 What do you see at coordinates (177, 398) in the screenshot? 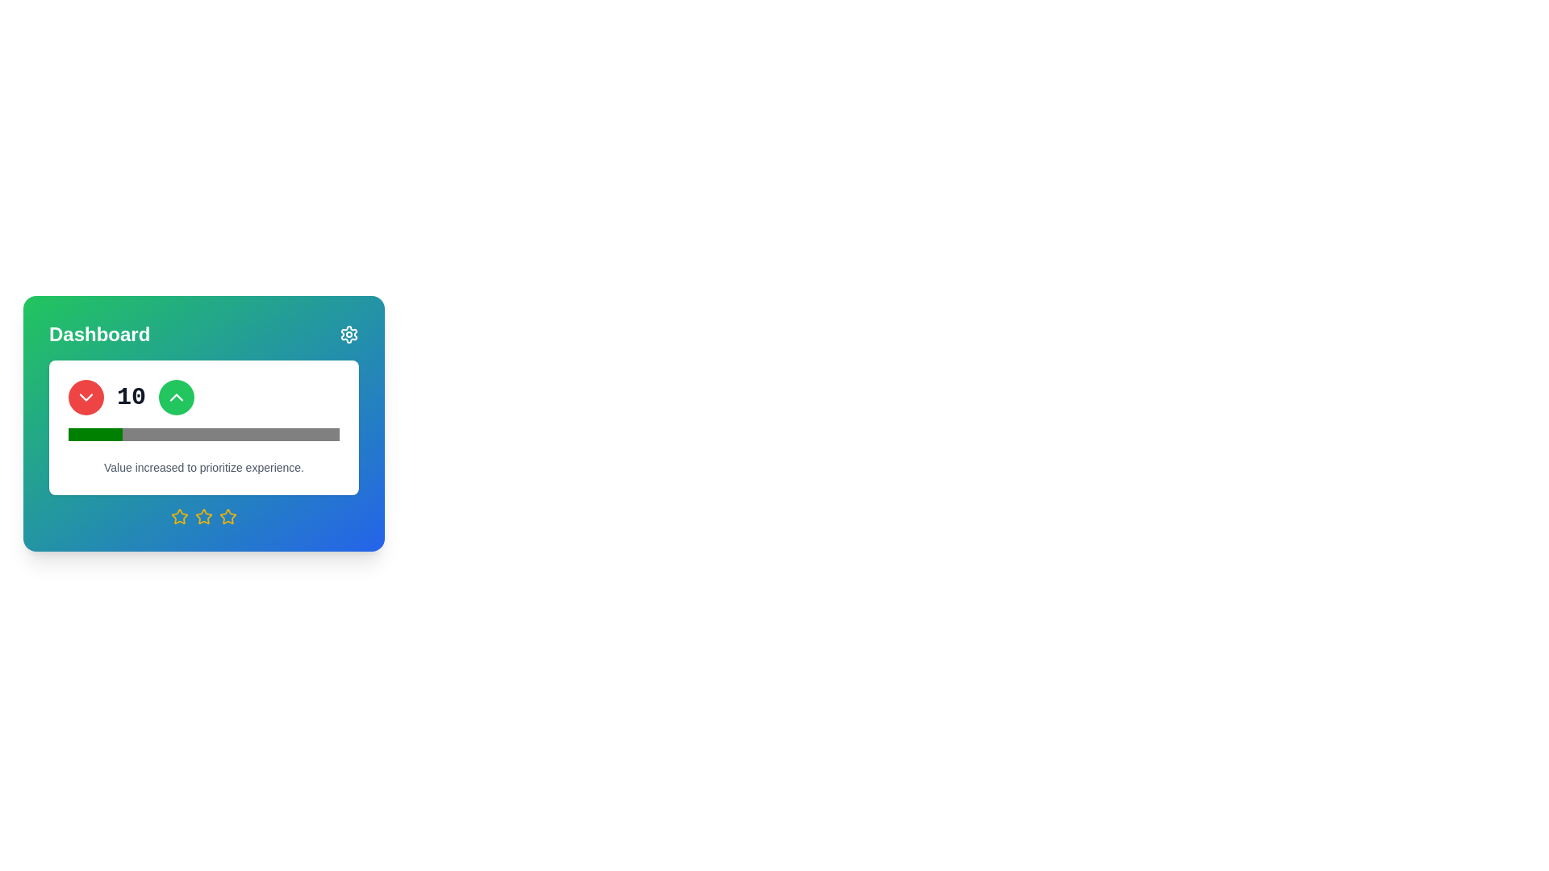
I see `the circular green button with a white upward-pointing chevron icon` at bounding box center [177, 398].